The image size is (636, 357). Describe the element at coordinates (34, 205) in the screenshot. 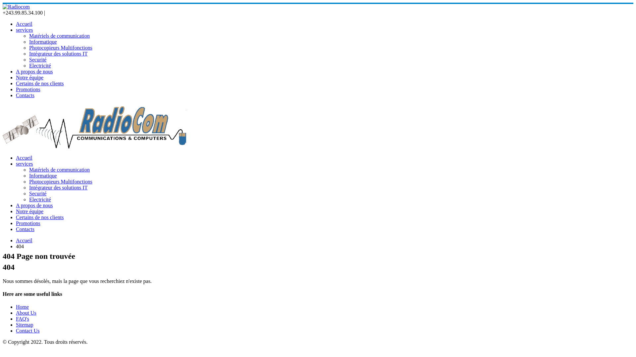

I see `'A propos de nous'` at that location.